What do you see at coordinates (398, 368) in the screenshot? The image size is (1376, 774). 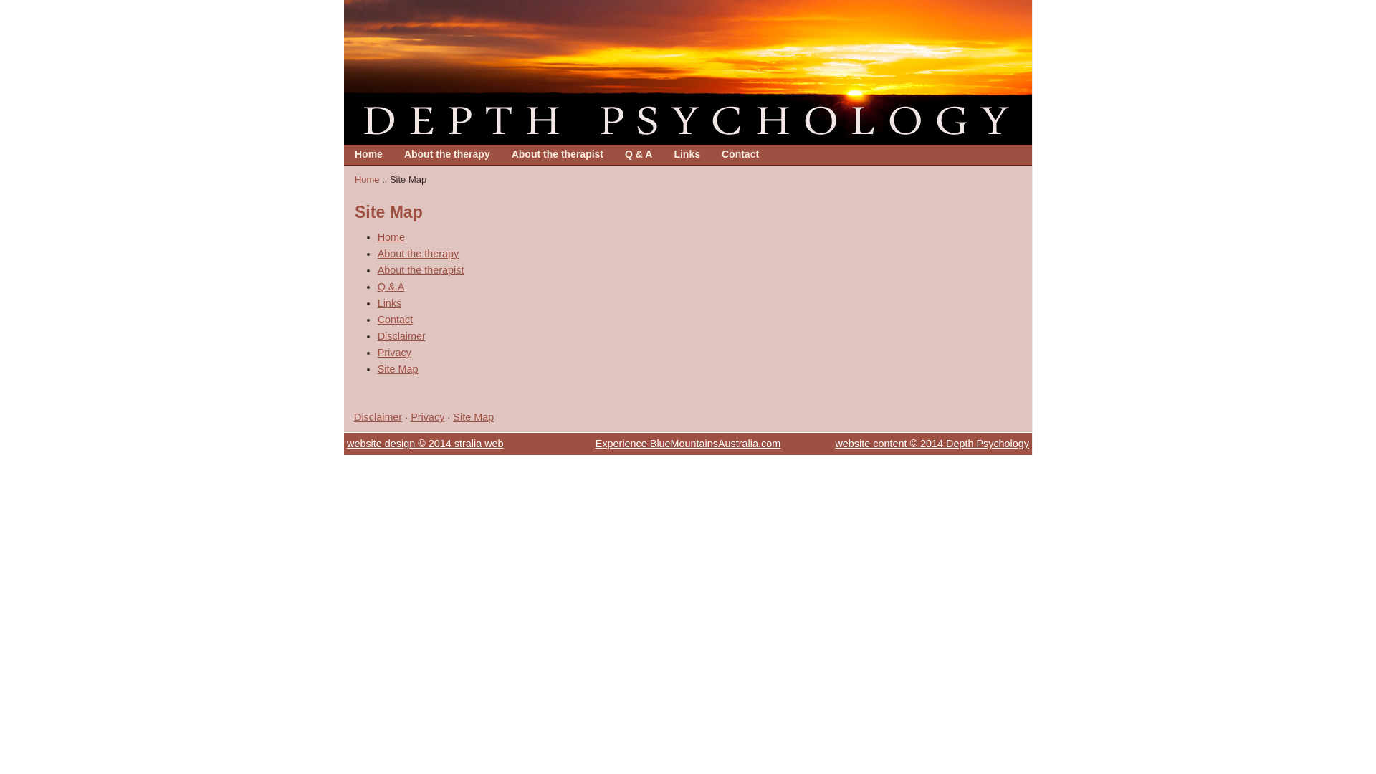 I see `'Site Map'` at bounding box center [398, 368].